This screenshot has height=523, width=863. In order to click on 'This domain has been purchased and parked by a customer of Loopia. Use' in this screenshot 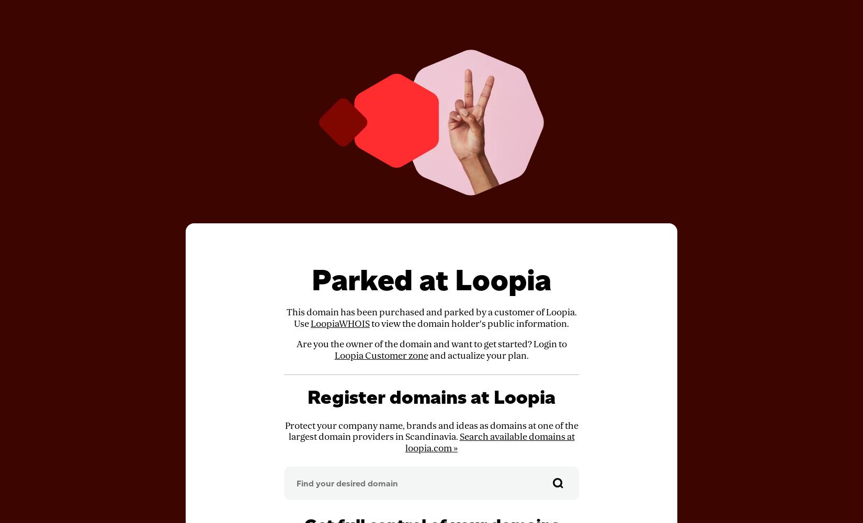, I will do `click(430, 317)`.